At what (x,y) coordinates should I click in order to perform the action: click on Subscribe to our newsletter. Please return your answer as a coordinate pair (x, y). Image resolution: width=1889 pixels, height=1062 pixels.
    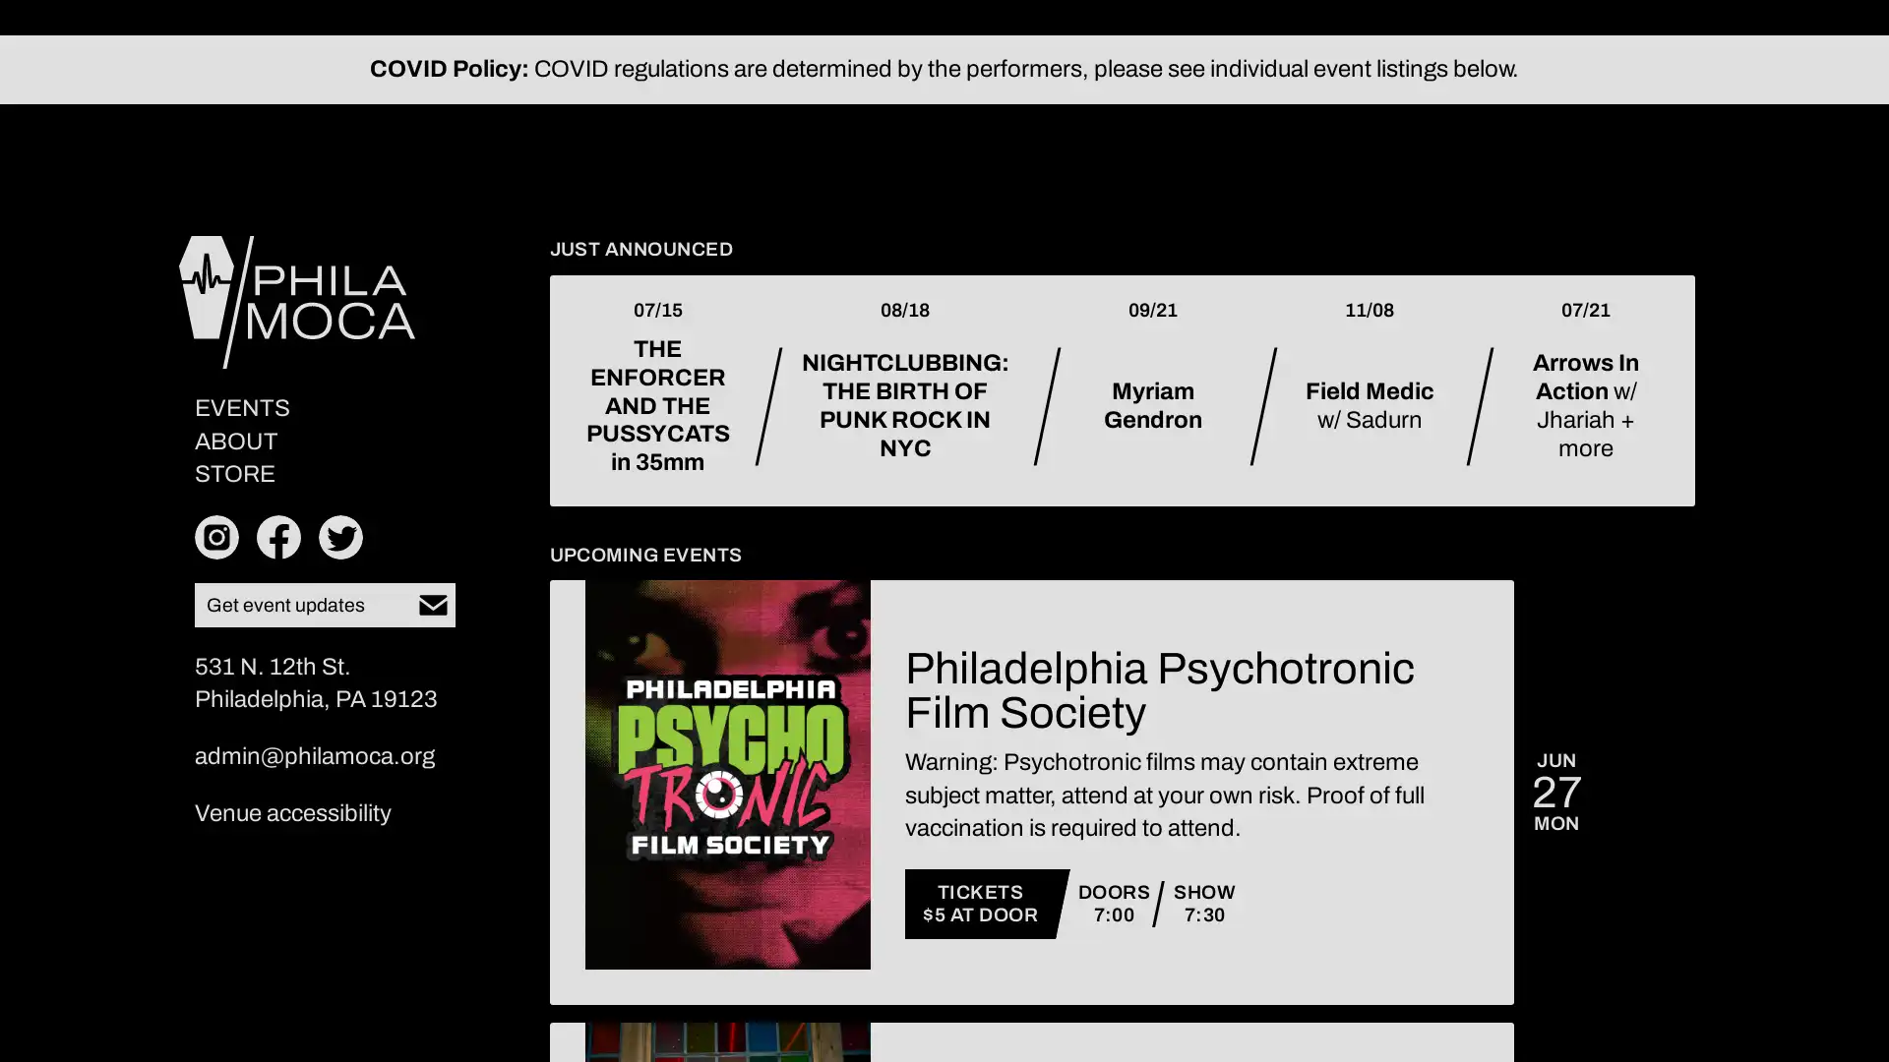
    Looking at the image, I should click on (431, 603).